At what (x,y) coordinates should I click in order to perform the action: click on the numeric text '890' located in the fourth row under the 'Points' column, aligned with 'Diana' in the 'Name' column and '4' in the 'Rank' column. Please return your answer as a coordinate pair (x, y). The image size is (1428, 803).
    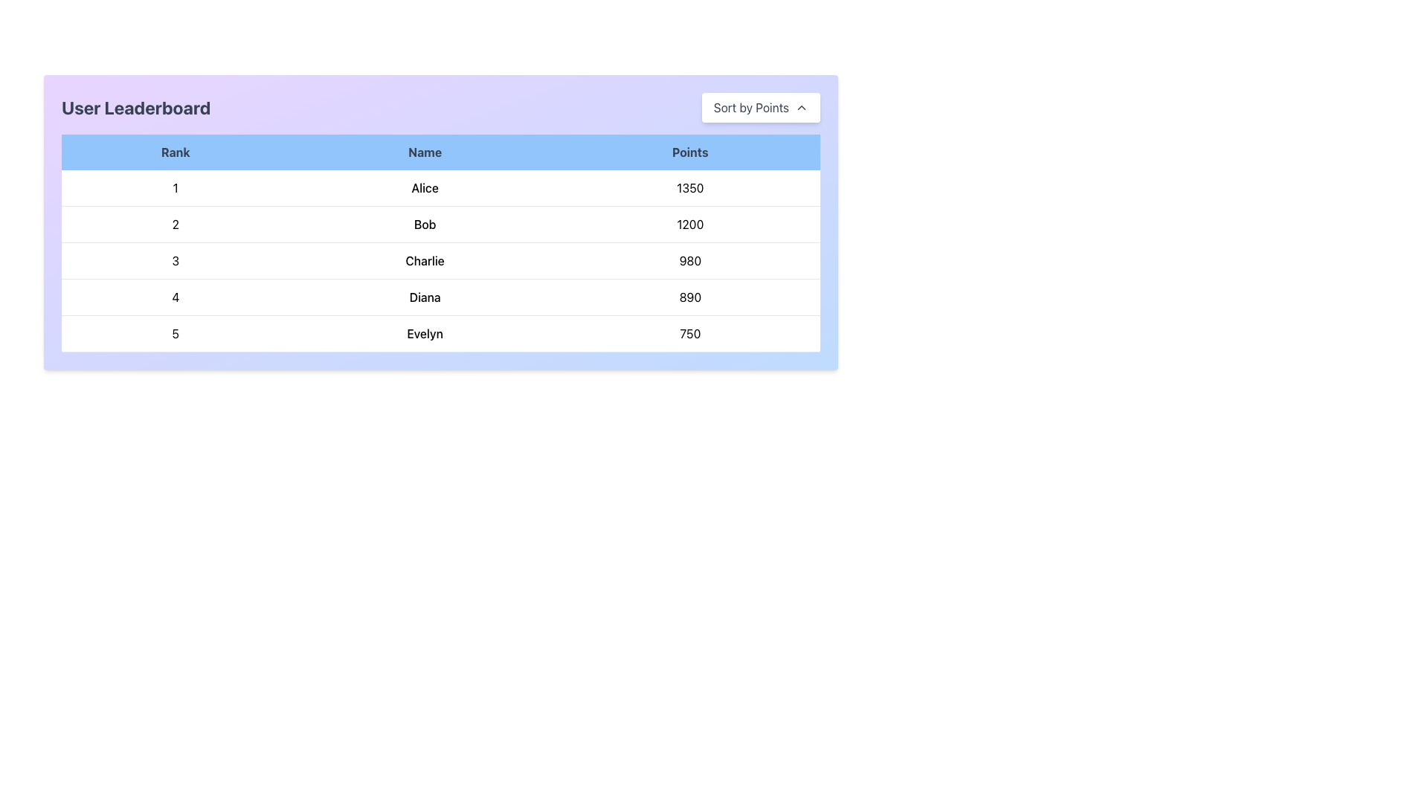
    Looking at the image, I should click on (689, 297).